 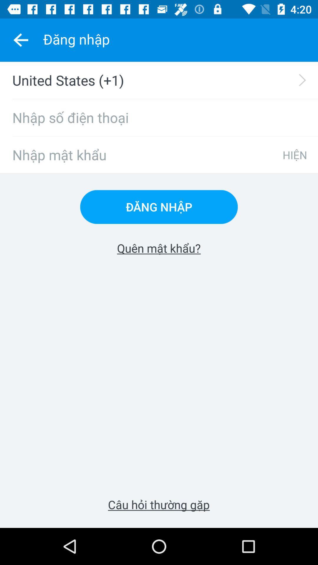 I want to click on icon at the top right corner, so click(x=295, y=155).